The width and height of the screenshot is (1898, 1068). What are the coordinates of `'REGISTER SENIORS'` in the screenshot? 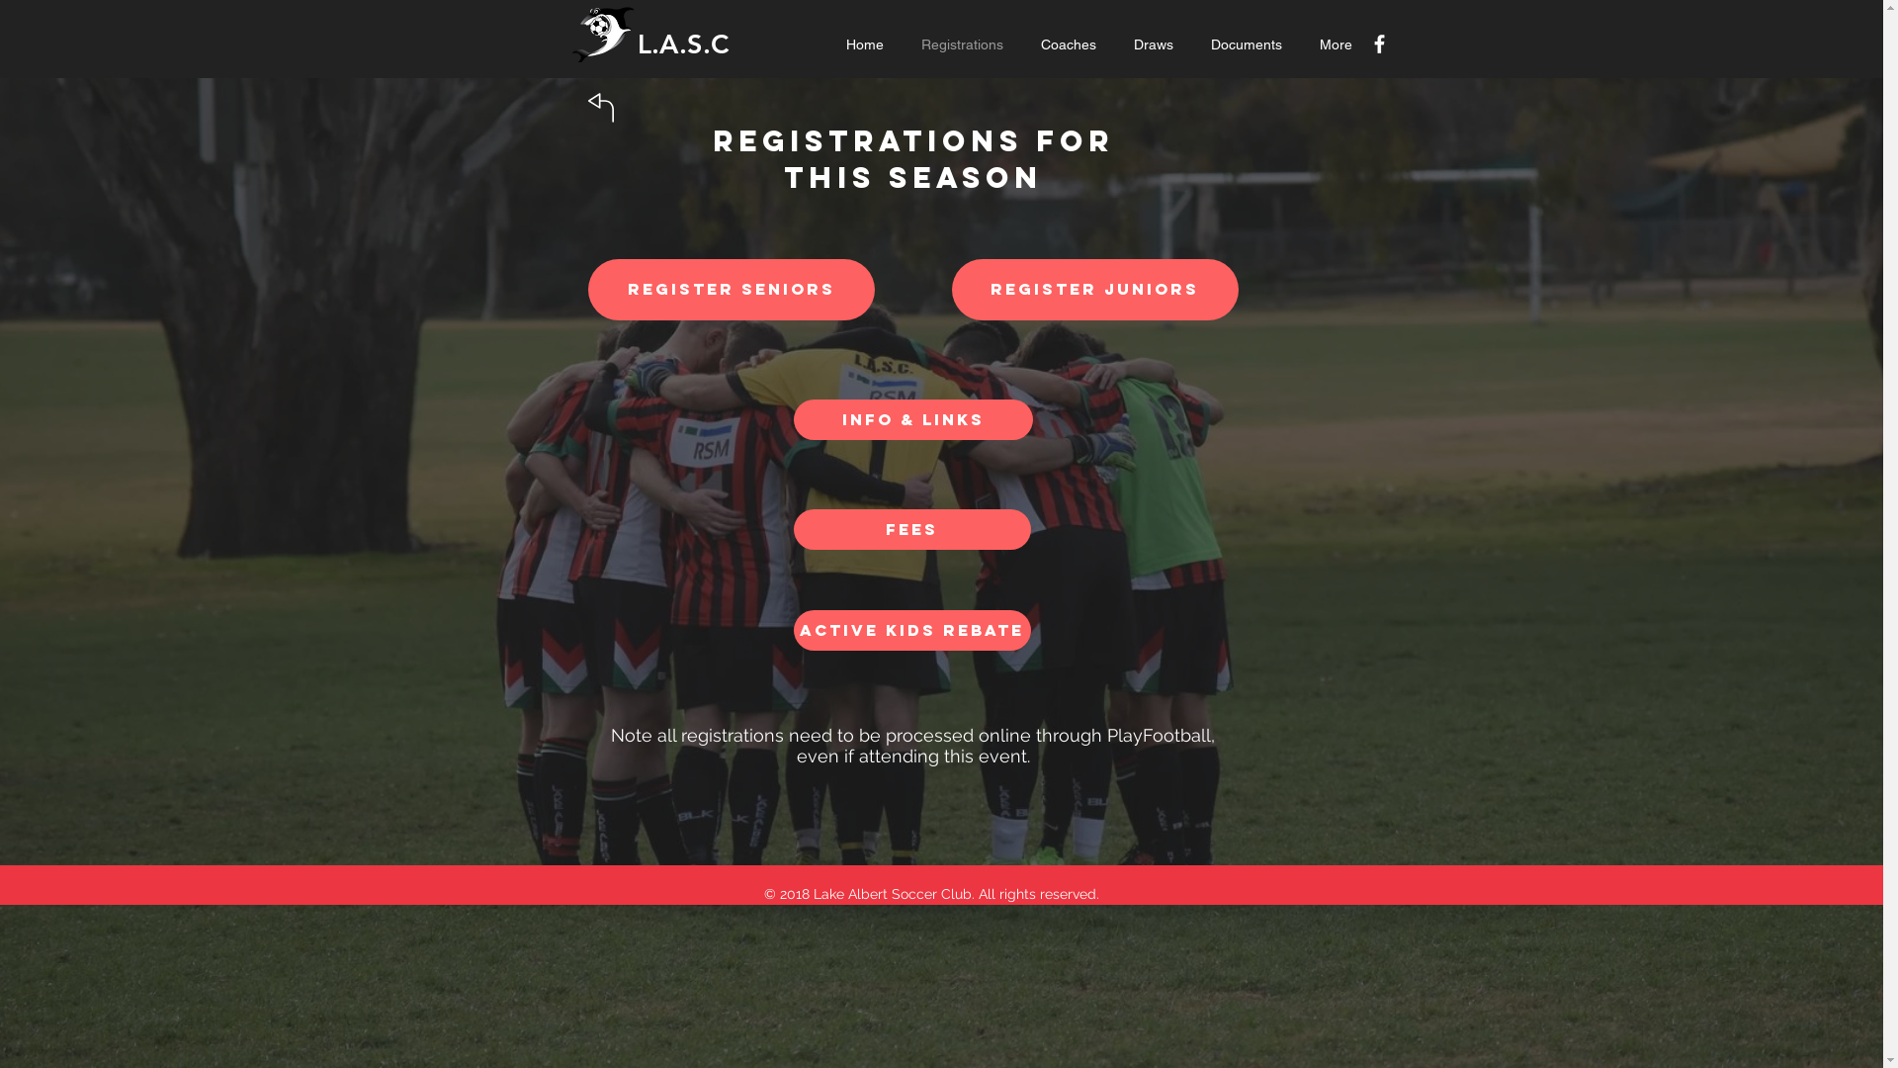 It's located at (730, 290).